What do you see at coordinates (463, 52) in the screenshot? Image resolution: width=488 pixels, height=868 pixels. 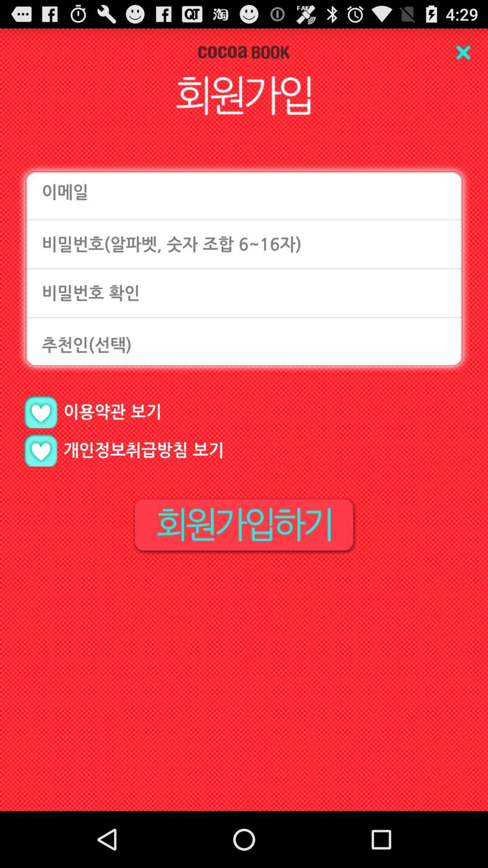 I see `entry` at bounding box center [463, 52].